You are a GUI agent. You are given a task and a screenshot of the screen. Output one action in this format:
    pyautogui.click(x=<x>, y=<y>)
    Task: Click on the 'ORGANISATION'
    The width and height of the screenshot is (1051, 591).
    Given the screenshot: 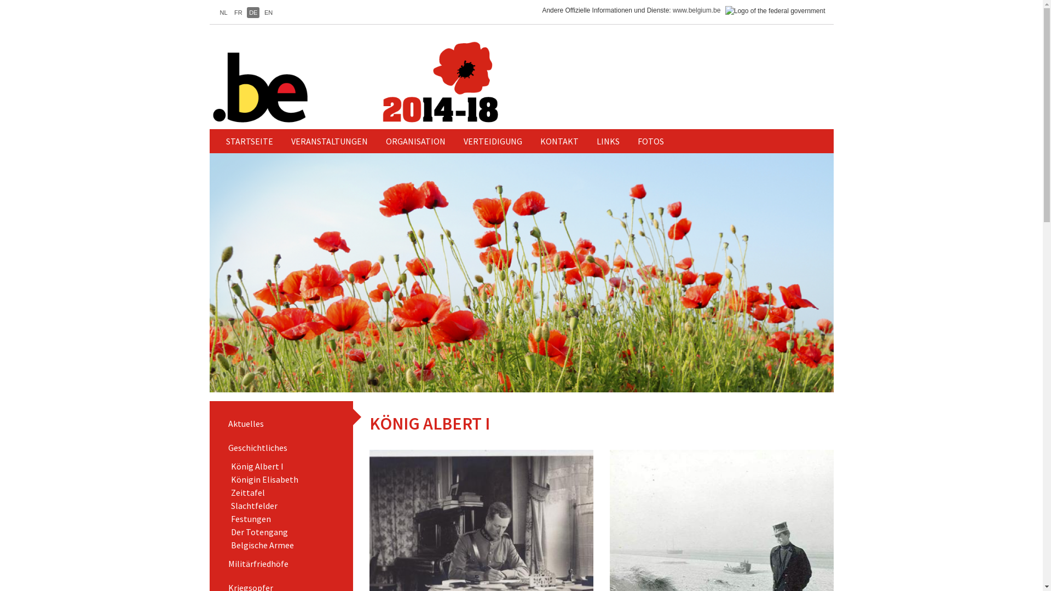 What is the action you would take?
    pyautogui.click(x=415, y=141)
    